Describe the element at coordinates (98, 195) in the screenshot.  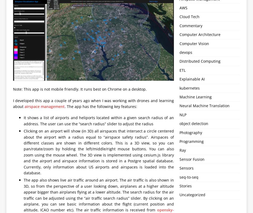
I see `'The app also shows live air traffic around an airport. The air traffic is also shown in 3D, so from the perspective of a user looking down, airplanes at a higher altitude appear bigger than airplanes flying at a lower altitude. The search radius for the air traffic can be adjusted using the “air traffic search radius” slider. By clicking on an airplane, you can see basic information about the flight (current position and altitude, ICAO number etc). The air traffic information is received from'` at that location.